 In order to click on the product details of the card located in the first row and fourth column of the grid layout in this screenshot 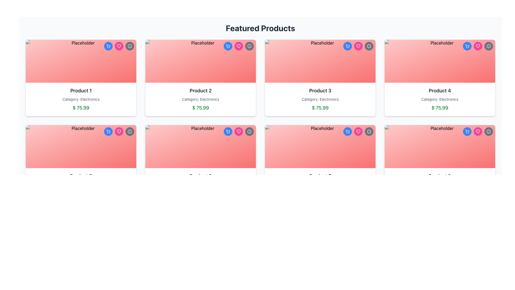, I will do `click(440, 78)`.